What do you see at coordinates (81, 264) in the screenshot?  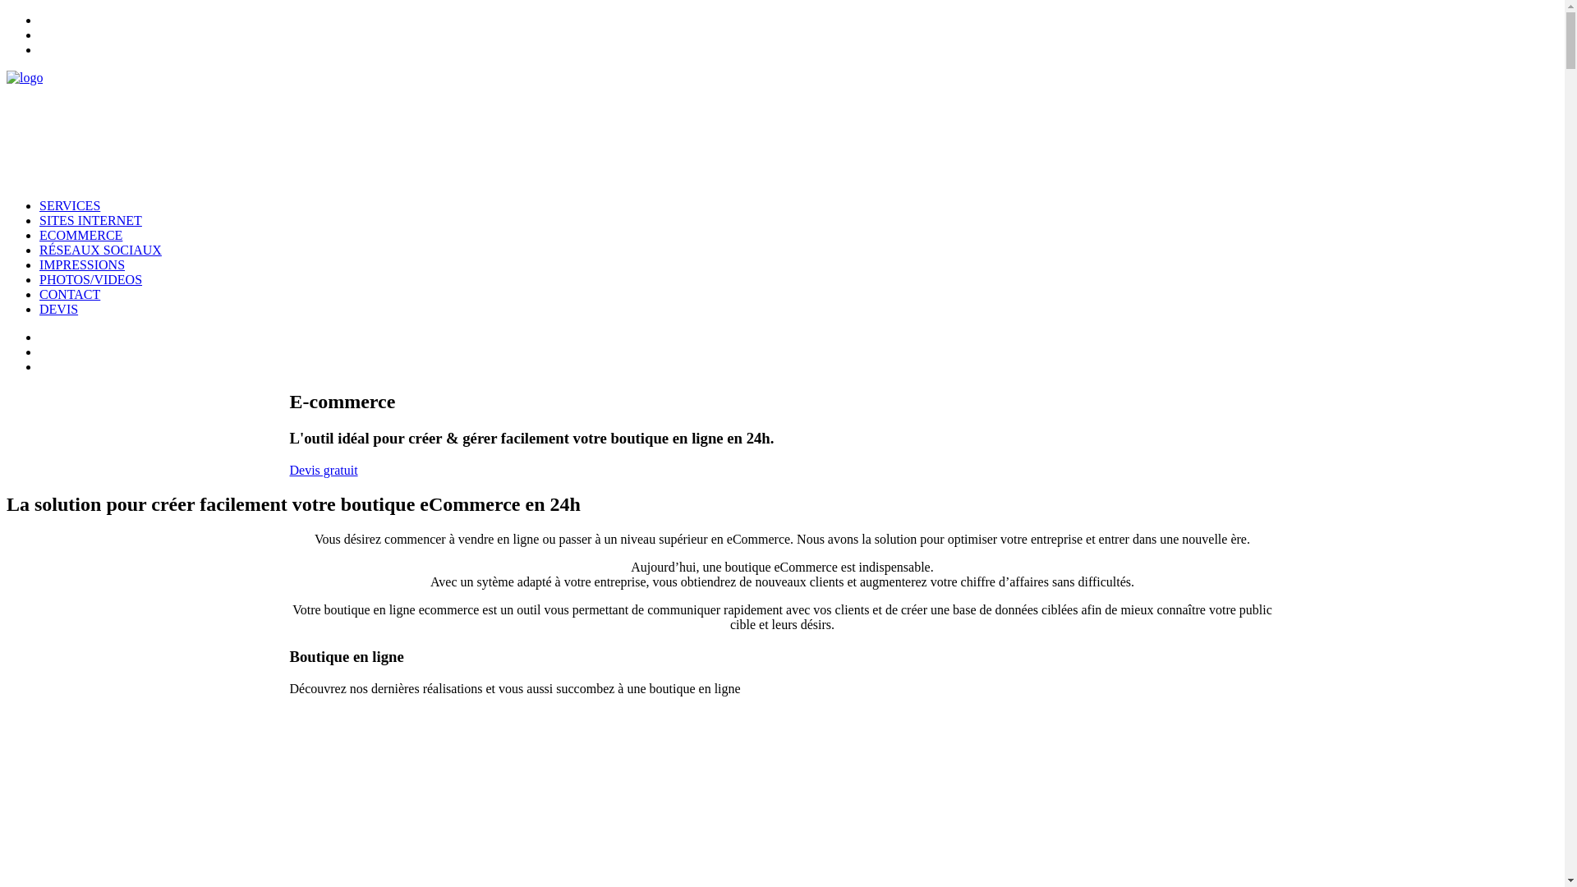 I see `'IMPRESSIONS'` at bounding box center [81, 264].